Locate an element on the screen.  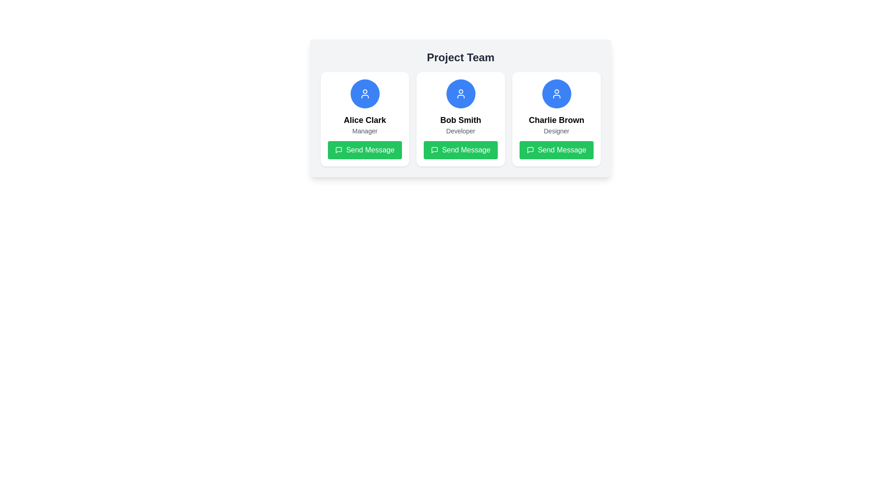
the blue circular avatar icon with a white user silhouette symbol, which is located in the top left card above the name 'Alice Clark' and the role 'Manager' is located at coordinates (365, 94).